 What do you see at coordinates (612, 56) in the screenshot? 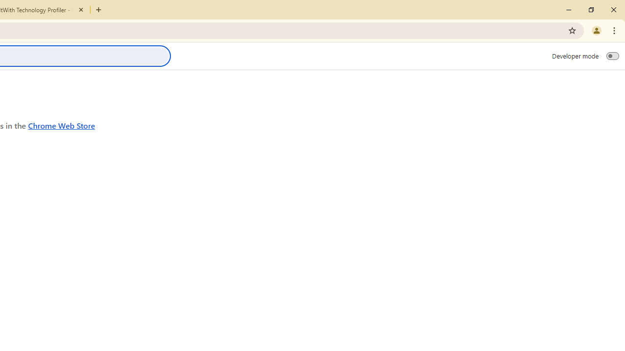
I see `'Developer mode'` at bounding box center [612, 56].